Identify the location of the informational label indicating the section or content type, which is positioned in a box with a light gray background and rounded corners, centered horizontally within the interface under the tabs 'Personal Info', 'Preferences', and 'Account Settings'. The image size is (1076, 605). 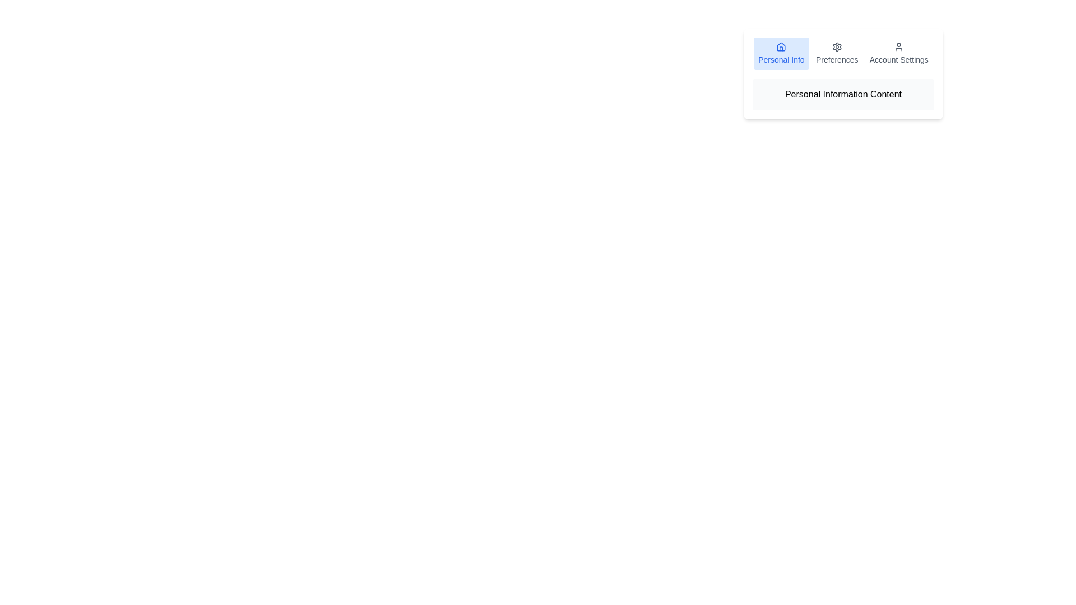
(843, 94).